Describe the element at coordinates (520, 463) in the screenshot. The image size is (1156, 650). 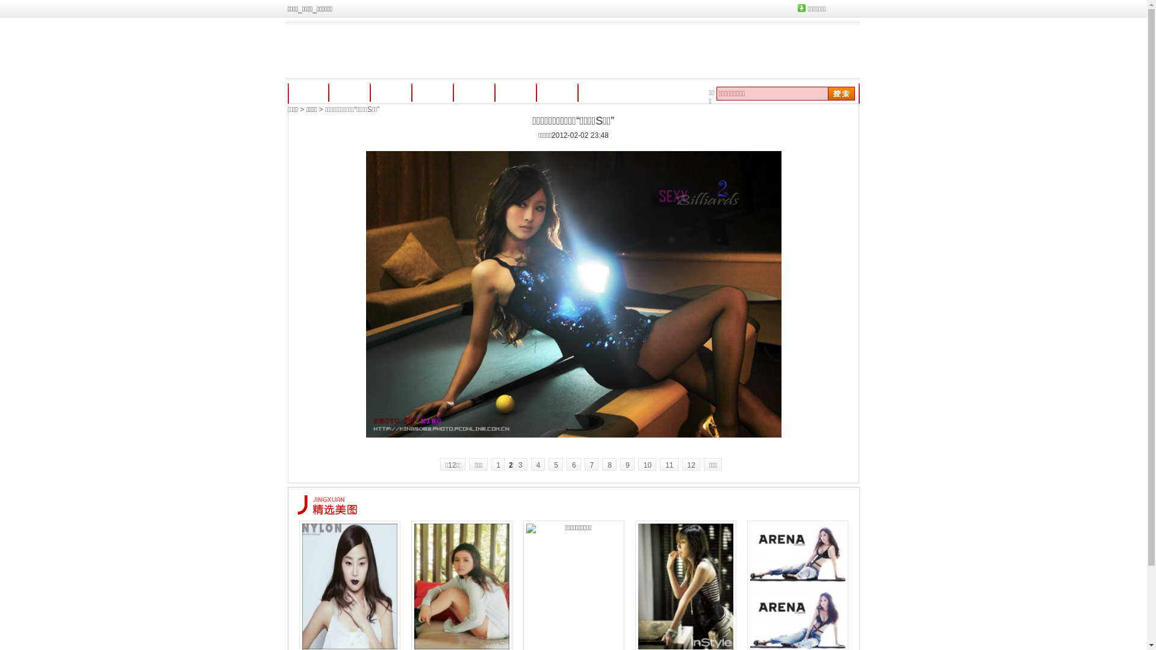
I see `'3'` at that location.